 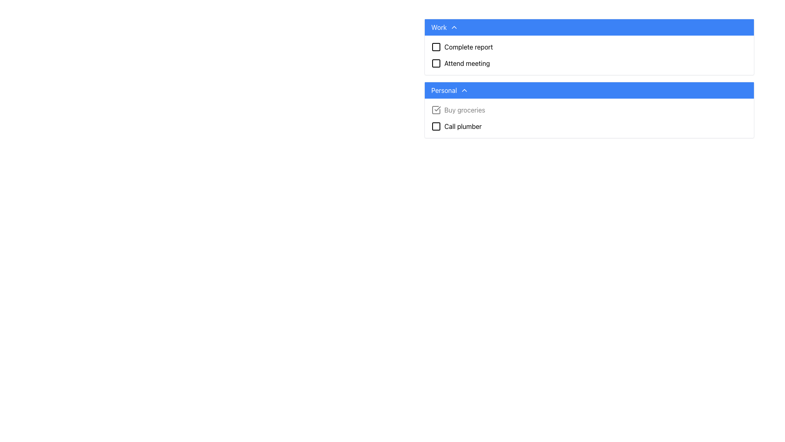 I want to click on the checkbox labeled 'Complete report' to edit the task, so click(x=589, y=47).